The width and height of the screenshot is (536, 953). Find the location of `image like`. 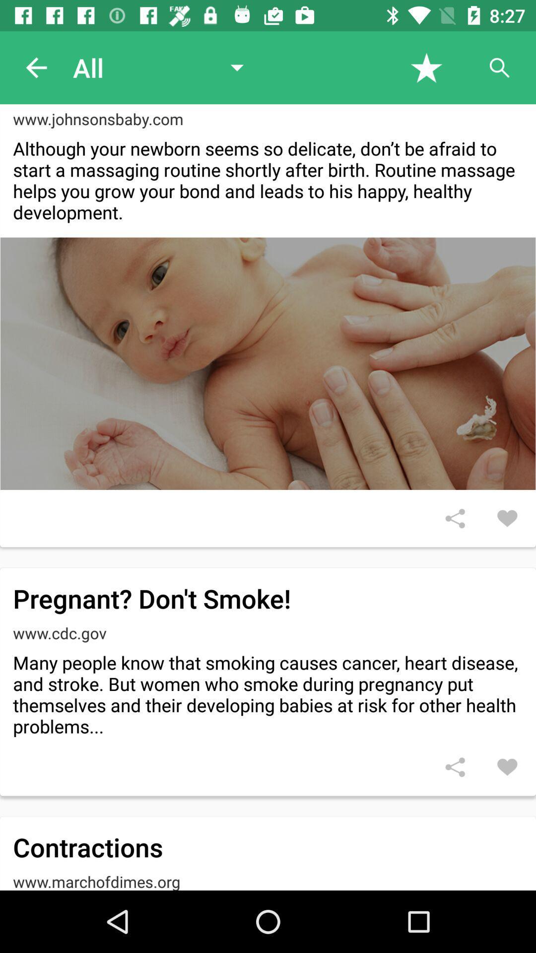

image like is located at coordinates (507, 518).